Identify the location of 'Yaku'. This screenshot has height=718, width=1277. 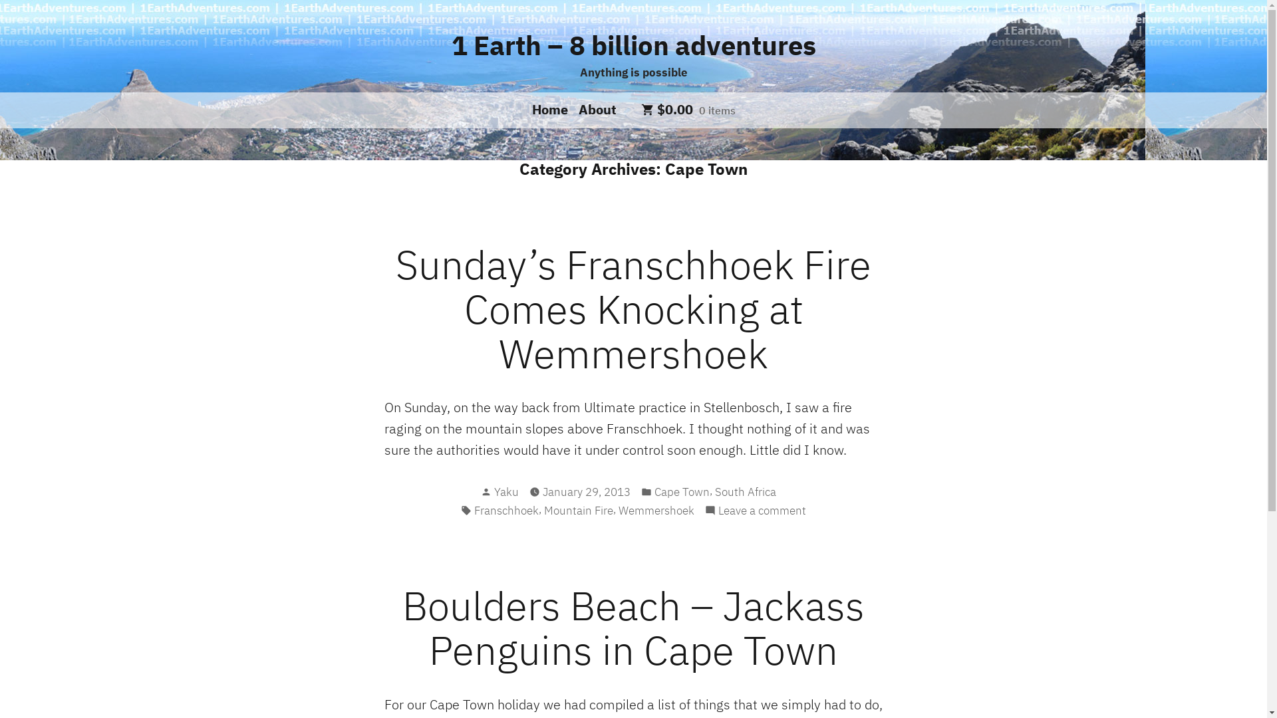
(505, 492).